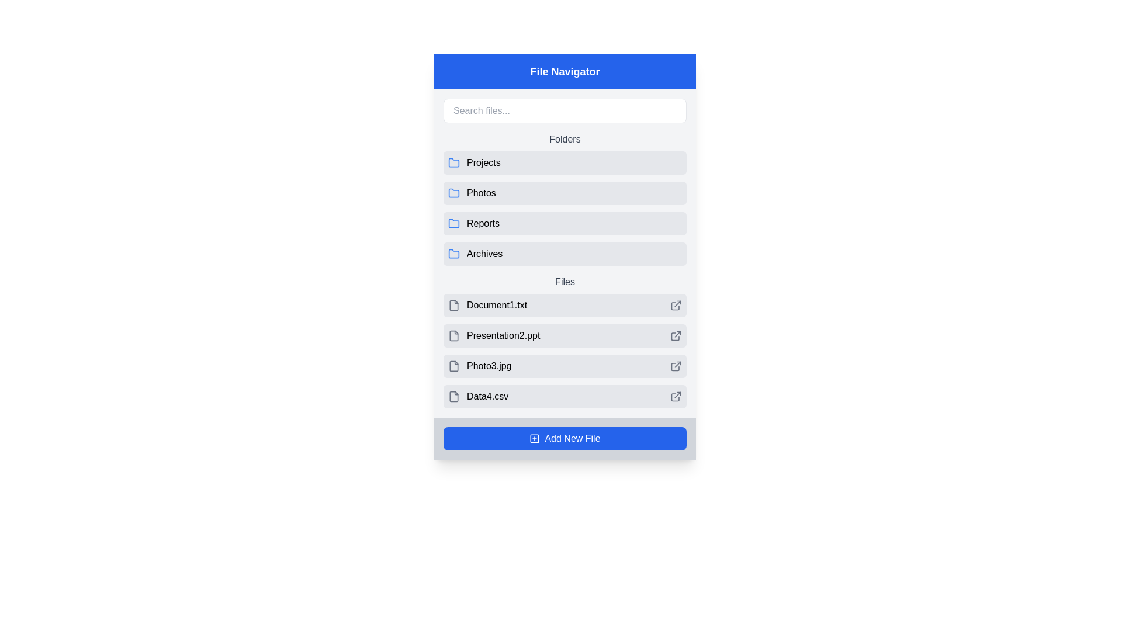 This screenshot has width=1122, height=631. Describe the element at coordinates (453, 192) in the screenshot. I see `the second folder icon in the 'Folders' section, which has blue edges and a light background, positioned to the left of the 'Photos' folder name` at that location.